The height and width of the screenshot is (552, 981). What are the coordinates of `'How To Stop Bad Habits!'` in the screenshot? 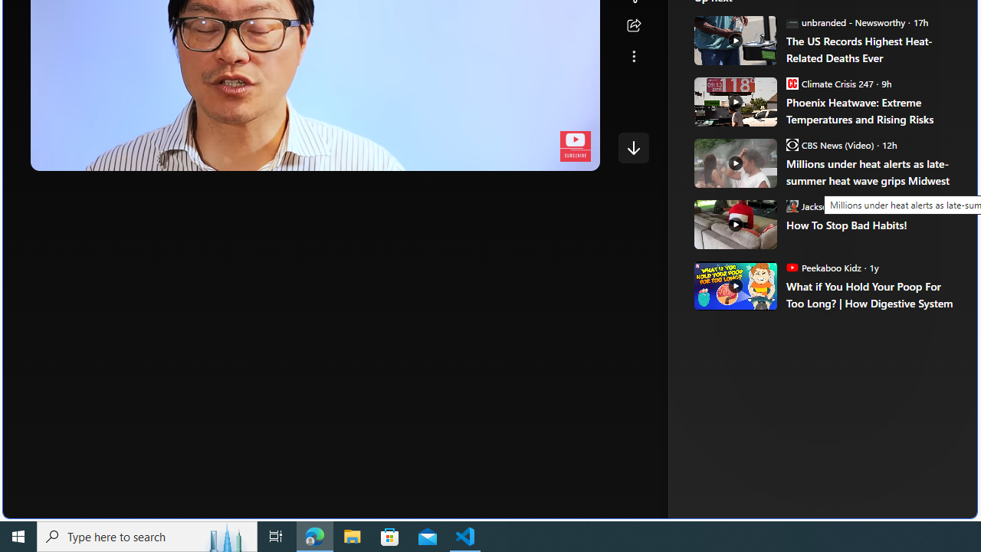 It's located at (871, 225).